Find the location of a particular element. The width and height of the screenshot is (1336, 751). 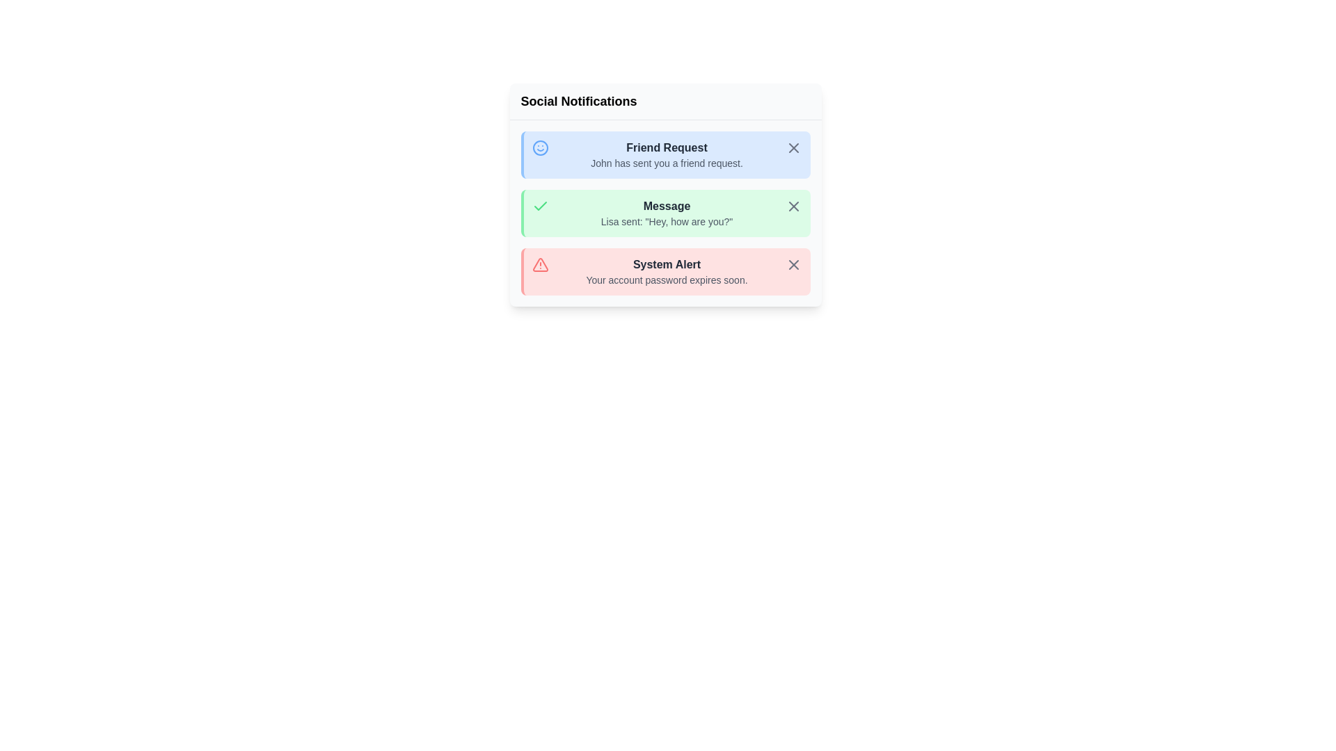

the close button located at the far-right end of the 'Friend Request' notification box in the 'Social Notifications' panel is located at coordinates (793, 147).